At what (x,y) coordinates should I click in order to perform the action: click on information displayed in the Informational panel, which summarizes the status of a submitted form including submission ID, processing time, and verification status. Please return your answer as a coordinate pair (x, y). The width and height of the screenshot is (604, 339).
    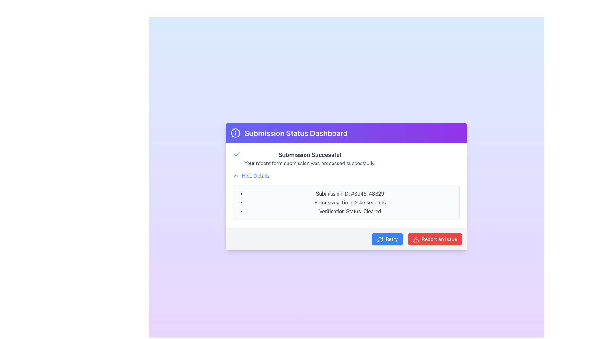
    Looking at the image, I should click on (346, 185).